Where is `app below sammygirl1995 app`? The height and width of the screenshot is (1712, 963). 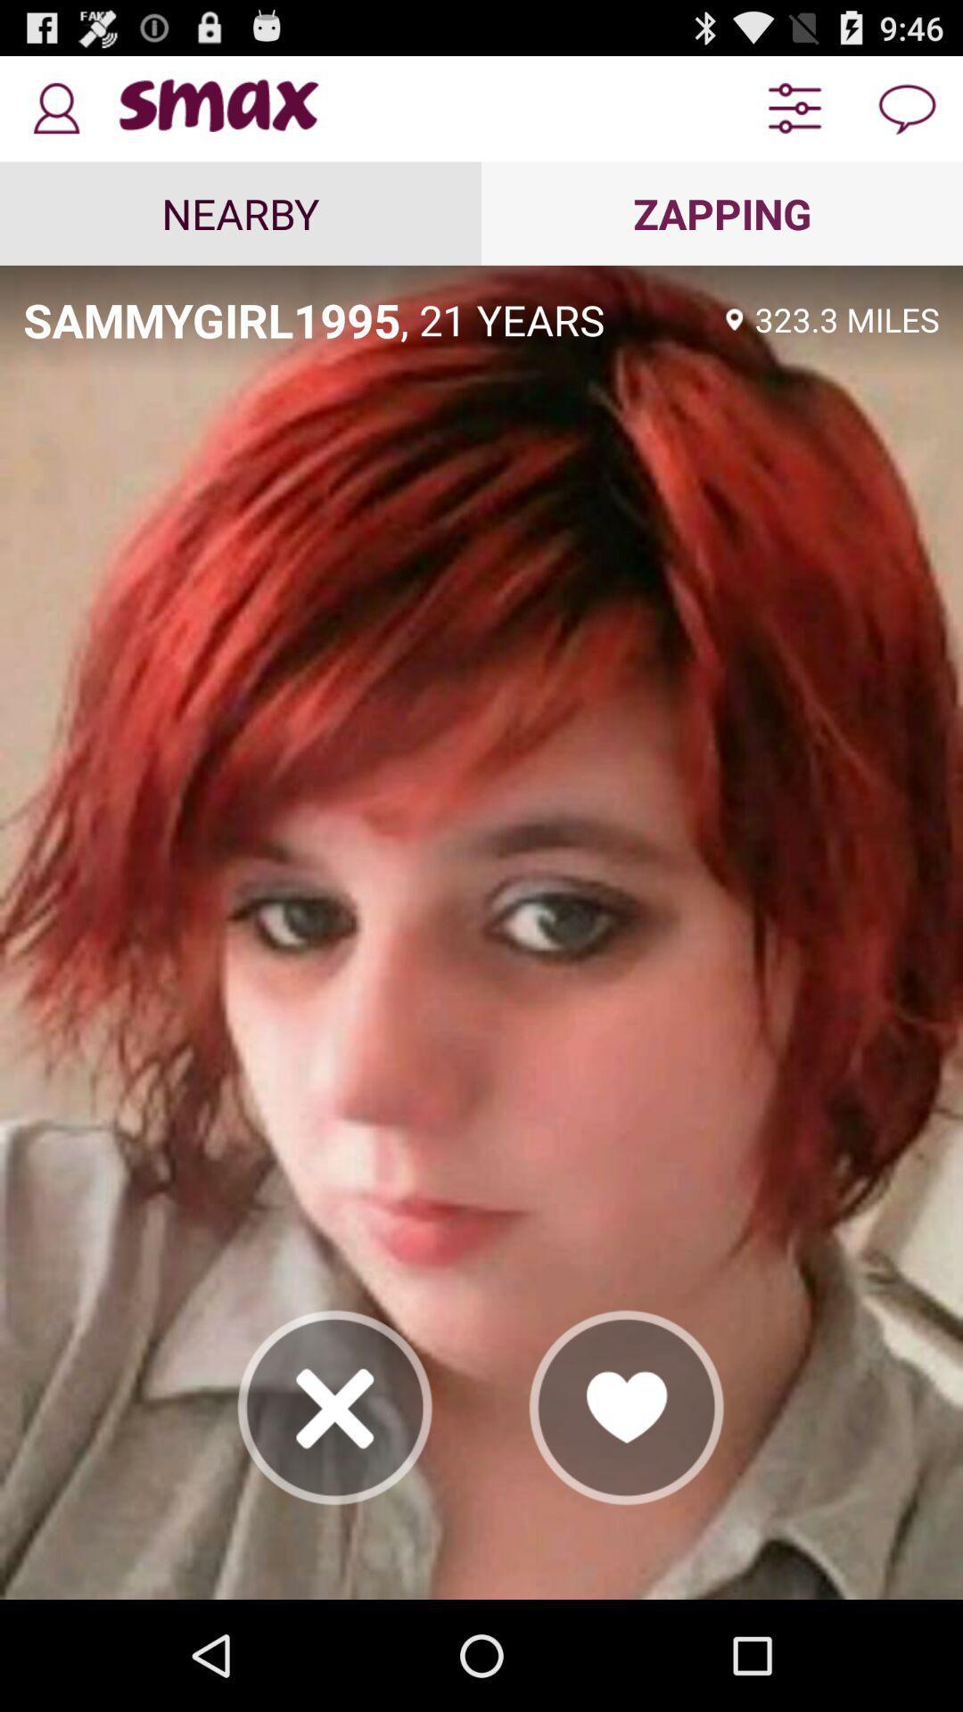
app below sammygirl1995 app is located at coordinates (335, 1406).